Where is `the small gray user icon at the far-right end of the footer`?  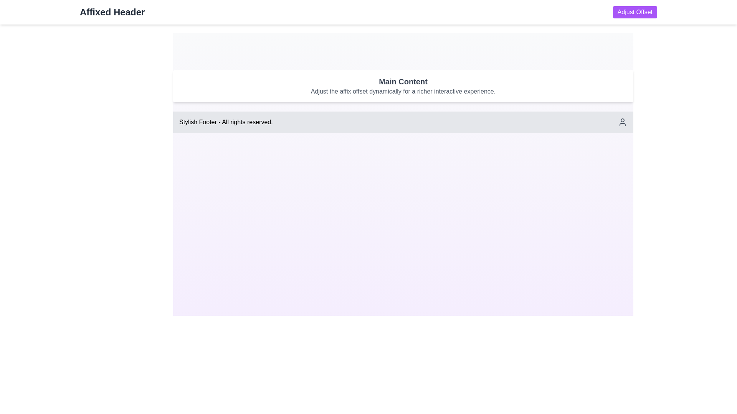
the small gray user icon at the far-right end of the footer is located at coordinates (623, 122).